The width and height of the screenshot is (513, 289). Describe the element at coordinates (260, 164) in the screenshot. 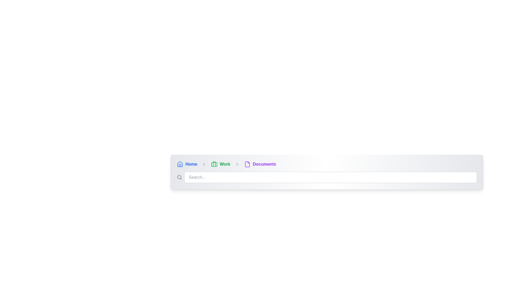

I see `the Breadcrumb navigation item that indicates the user's current location within the hierarchy of pages, positioned as the last item in the breadcrumb navigation bar` at that location.